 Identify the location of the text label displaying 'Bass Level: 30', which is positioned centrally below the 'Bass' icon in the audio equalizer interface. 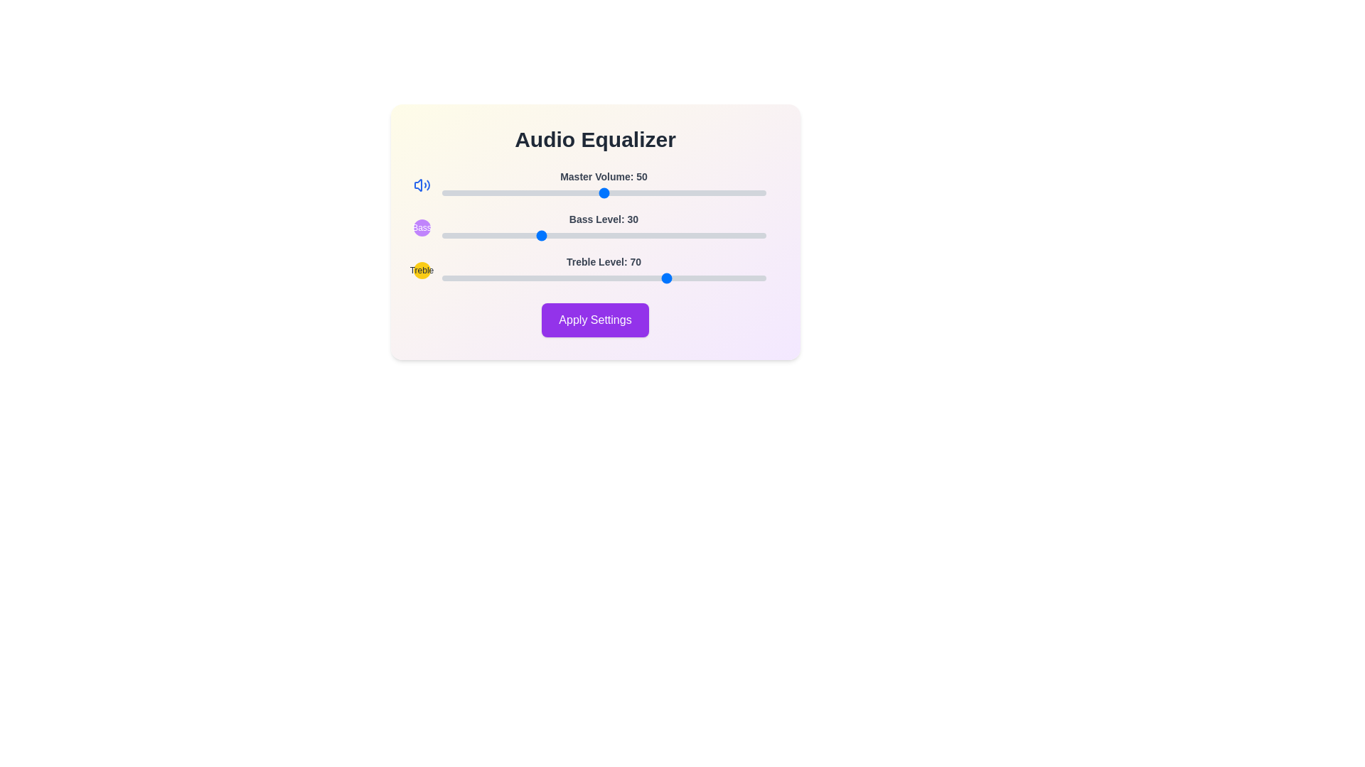
(604, 219).